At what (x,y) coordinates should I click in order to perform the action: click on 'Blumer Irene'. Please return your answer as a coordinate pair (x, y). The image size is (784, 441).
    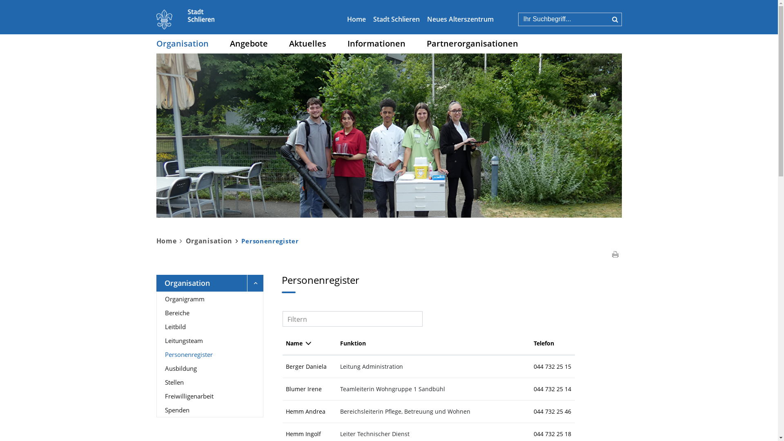
    Looking at the image, I should click on (303, 388).